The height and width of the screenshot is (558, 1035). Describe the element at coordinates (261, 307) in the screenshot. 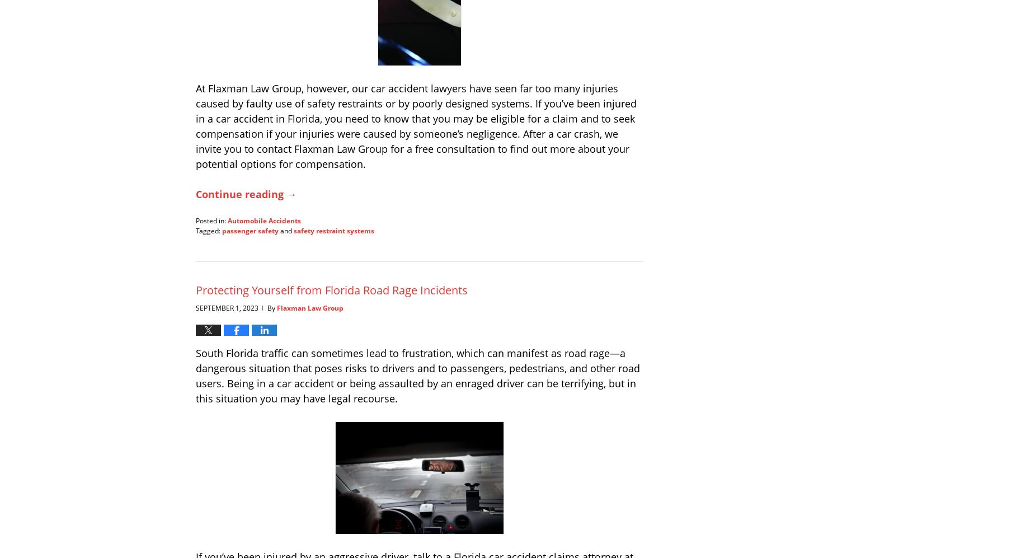

I see `'|'` at that location.